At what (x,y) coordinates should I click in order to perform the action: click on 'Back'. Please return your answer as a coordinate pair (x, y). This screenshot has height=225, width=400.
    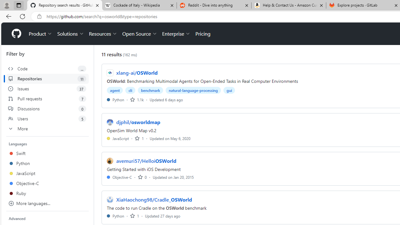
    Looking at the image, I should click on (7, 16).